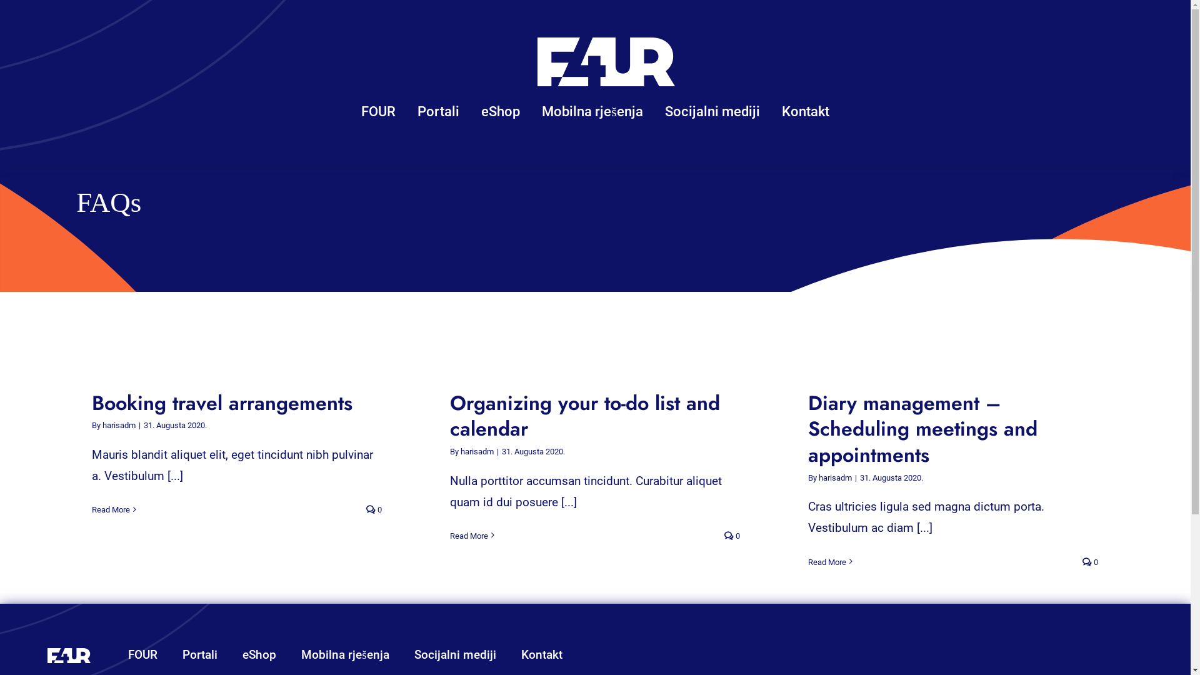 This screenshot has width=1200, height=675. What do you see at coordinates (542, 655) in the screenshot?
I see `'Kontakt'` at bounding box center [542, 655].